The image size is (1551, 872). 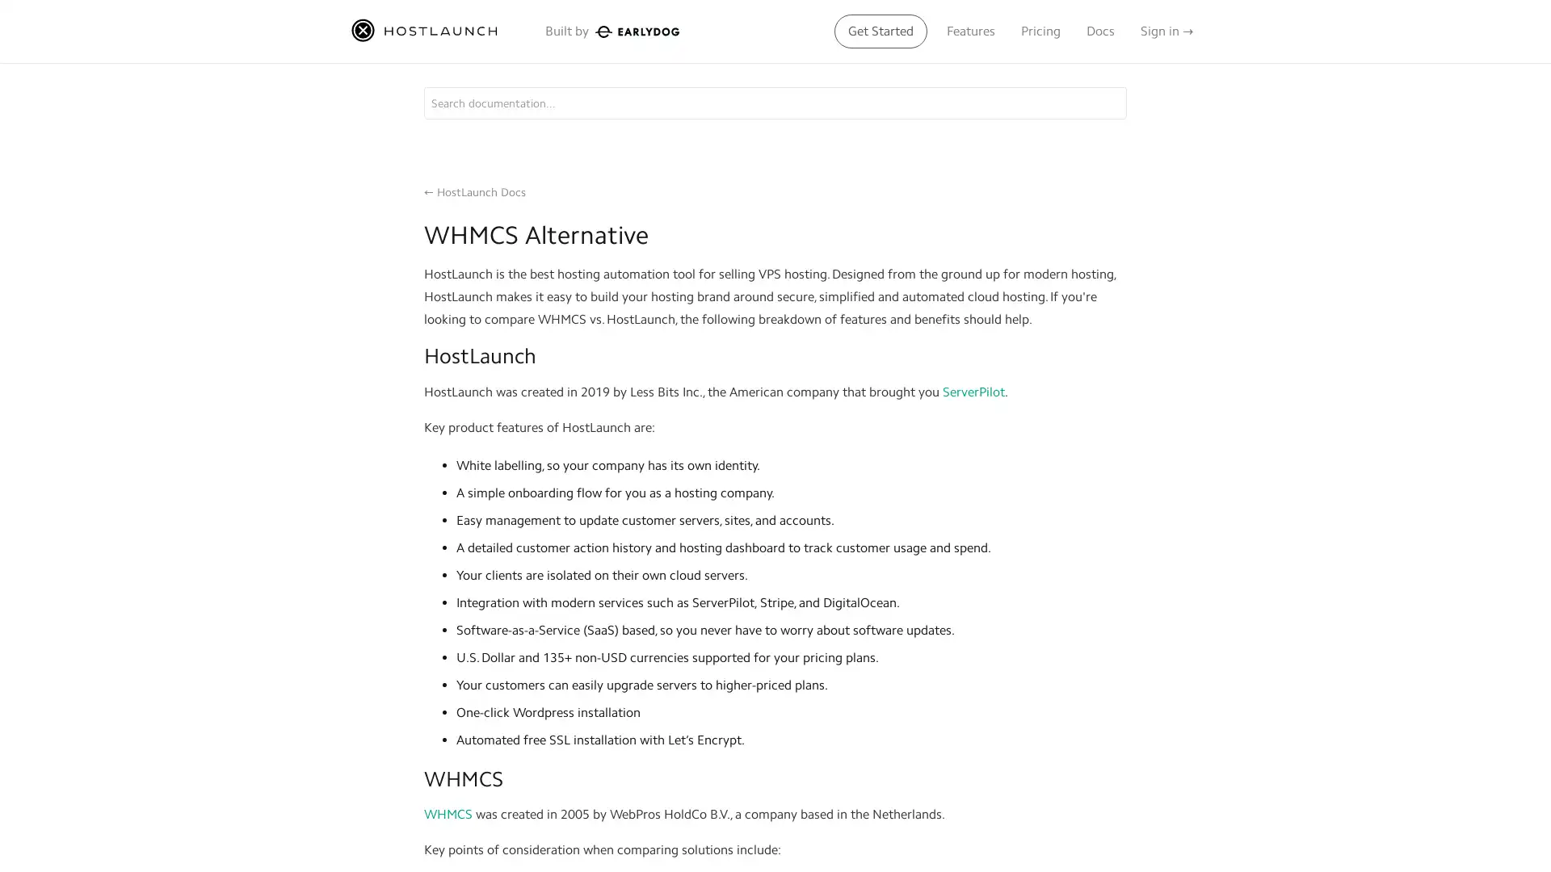 What do you see at coordinates (1099, 31) in the screenshot?
I see `Docs` at bounding box center [1099, 31].